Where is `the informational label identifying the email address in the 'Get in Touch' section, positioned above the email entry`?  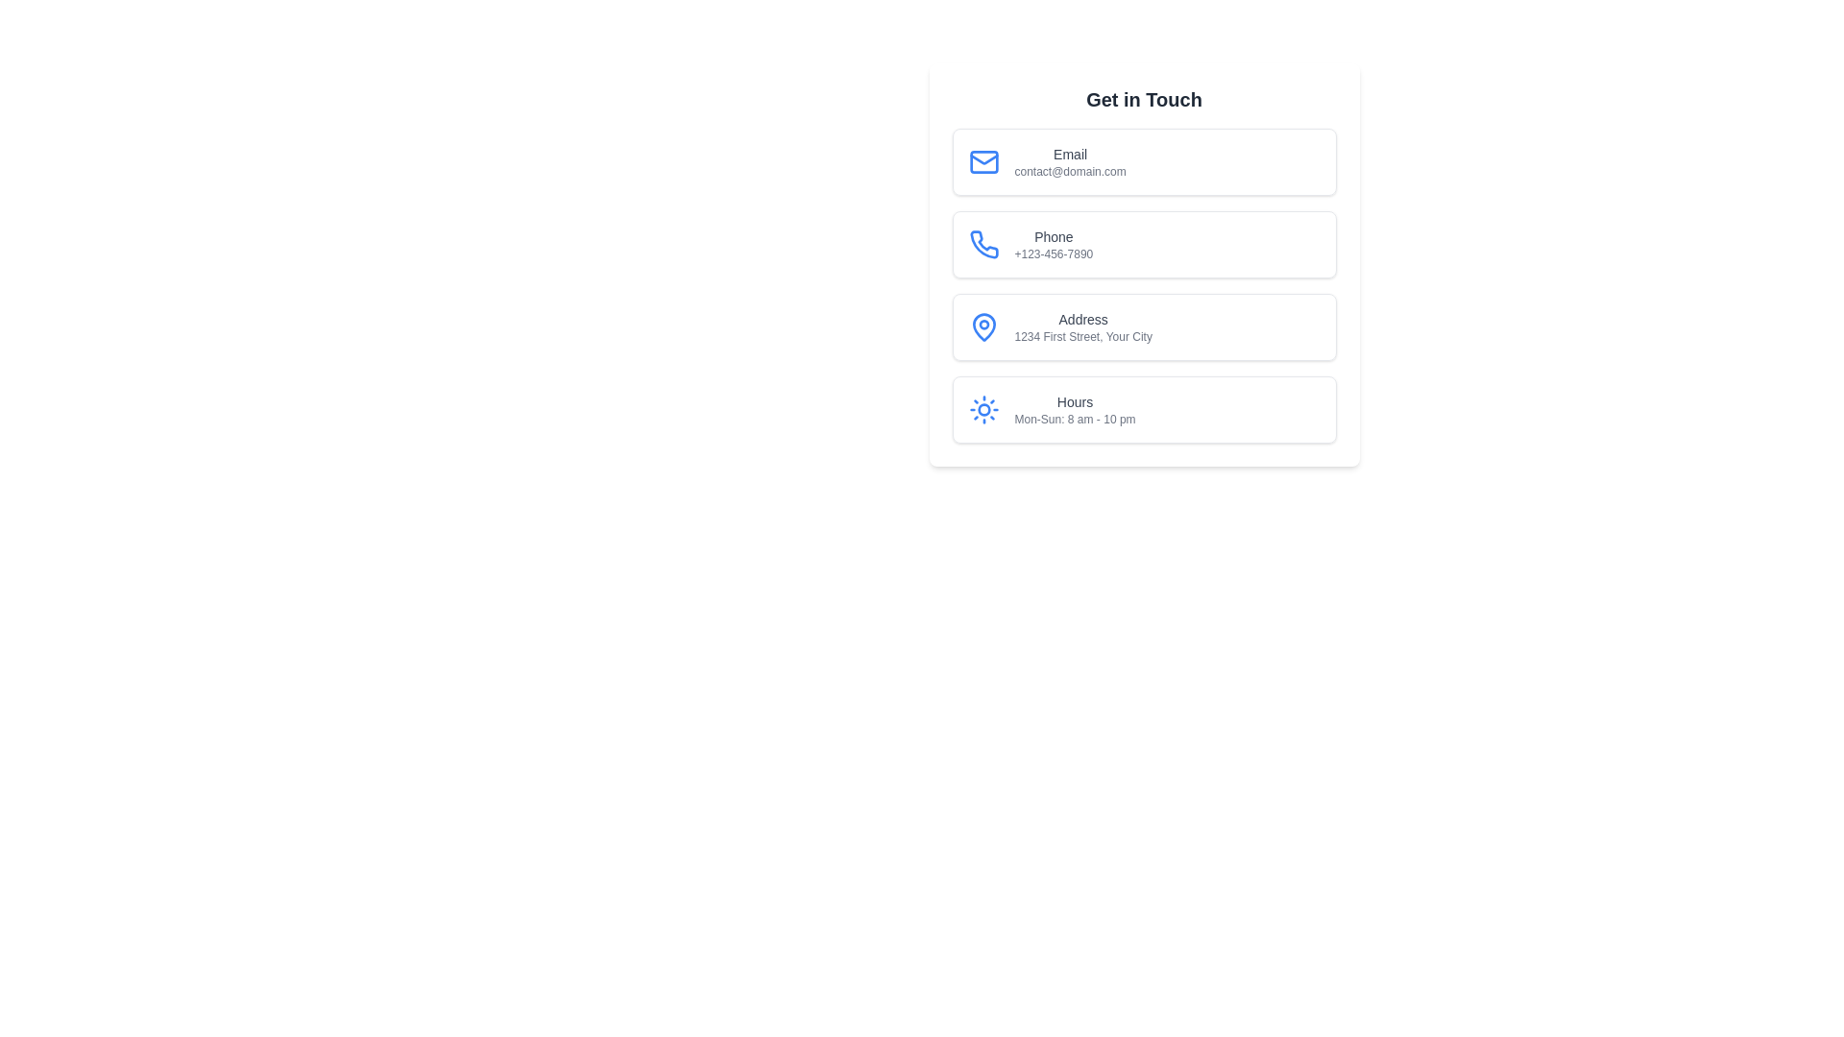
the informational label identifying the email address in the 'Get in Touch' section, positioned above the email entry is located at coordinates (1069, 154).